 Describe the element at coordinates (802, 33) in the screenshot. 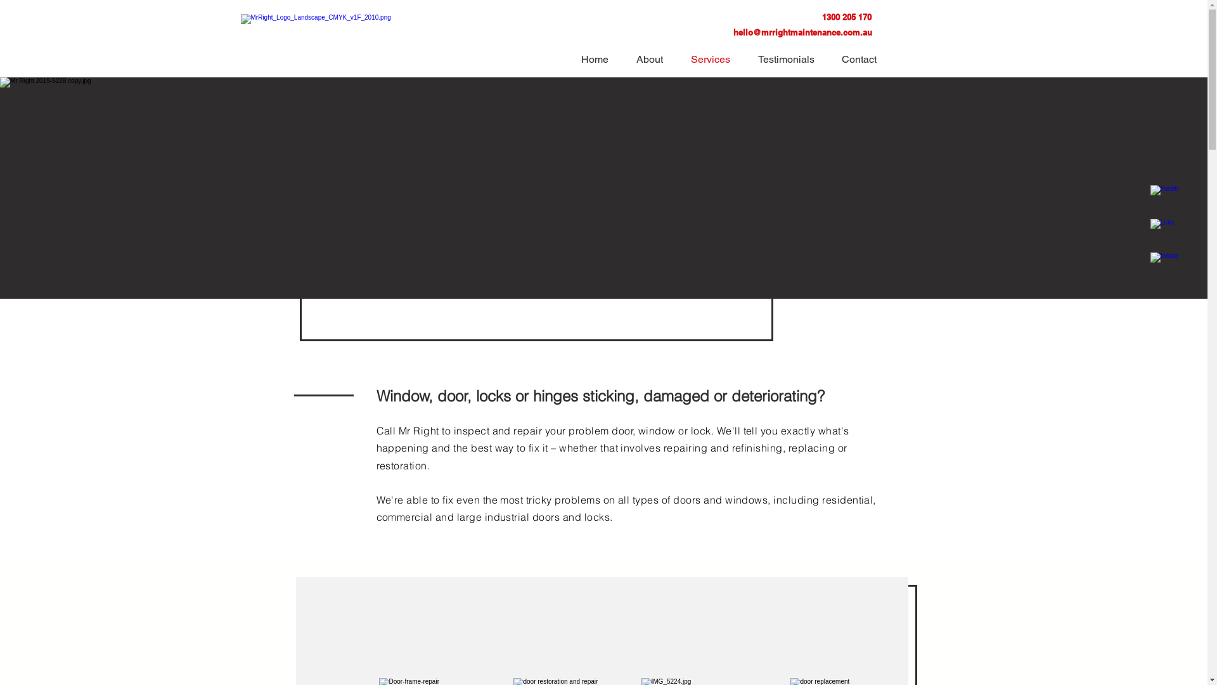

I see `'hello@mrrightmaintenance.com.au'` at that location.